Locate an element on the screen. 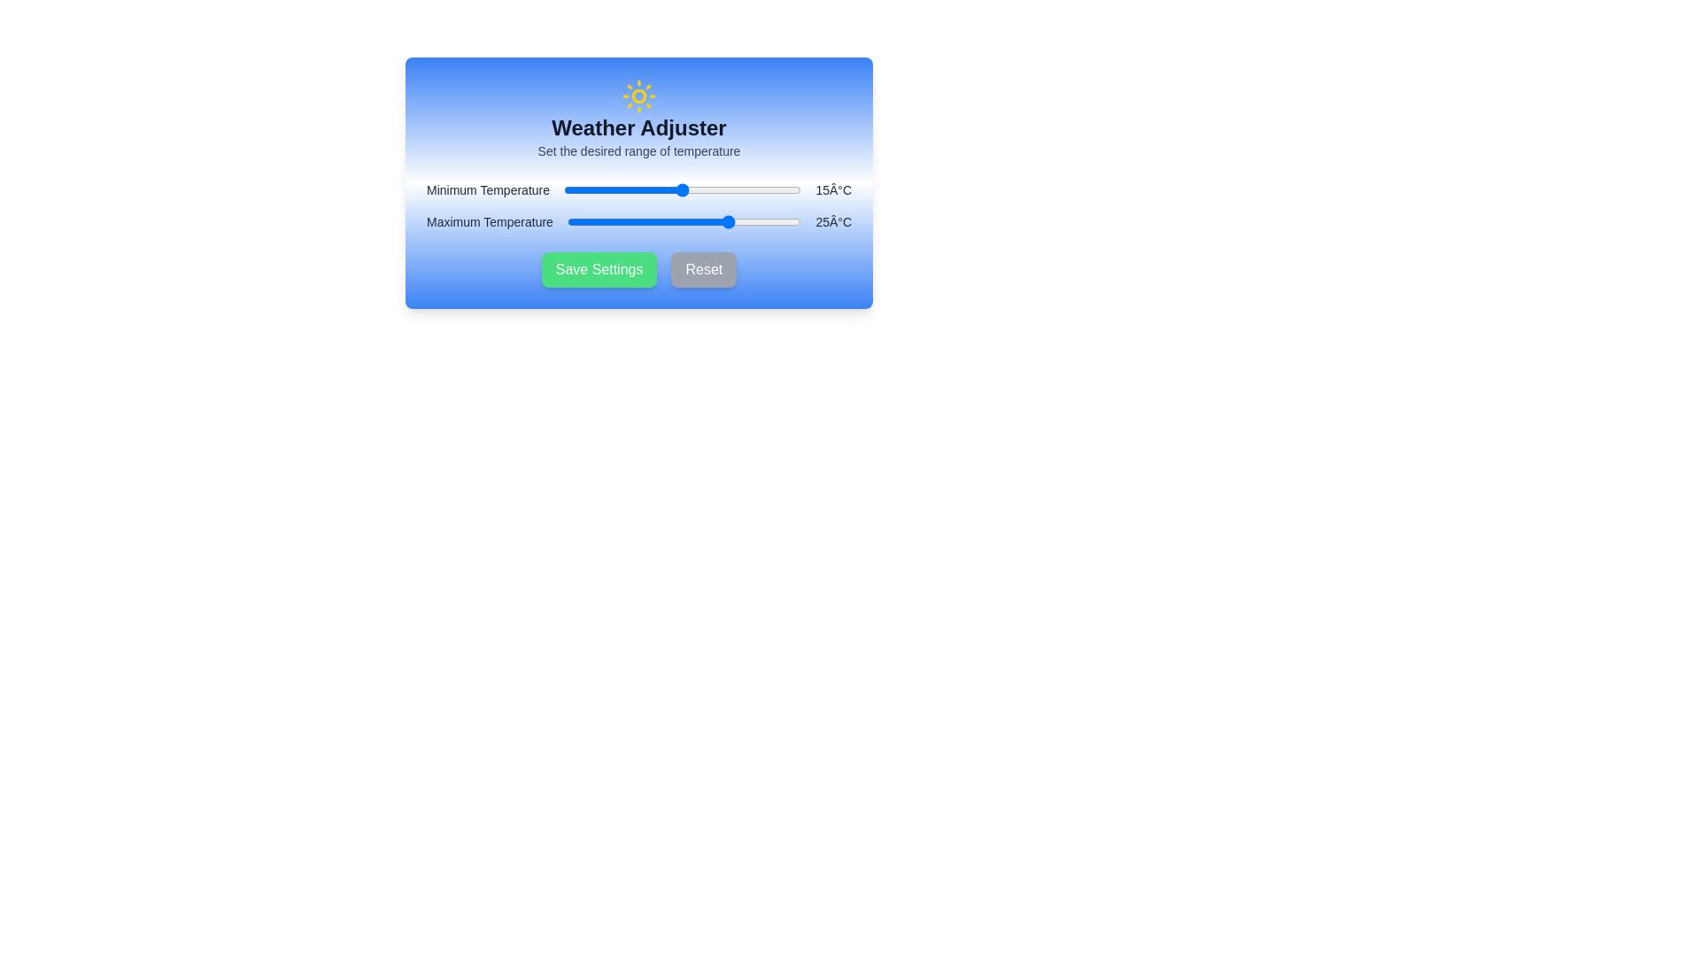 The height and width of the screenshot is (956, 1700). the 'Save Settings' button is located at coordinates (599, 269).